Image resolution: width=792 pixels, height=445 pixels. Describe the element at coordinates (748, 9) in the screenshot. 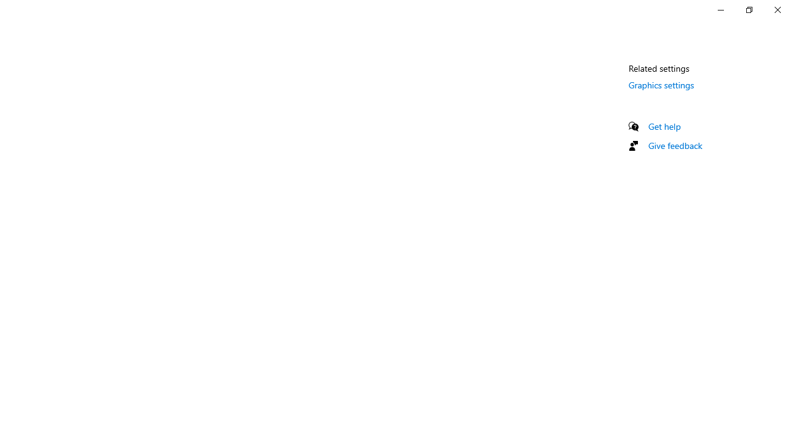

I see `'Restore Settings'` at that location.